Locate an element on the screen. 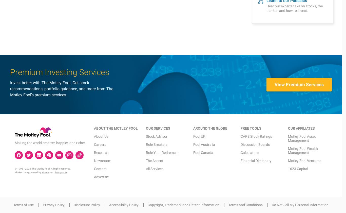  'Careers' is located at coordinates (99, 29).